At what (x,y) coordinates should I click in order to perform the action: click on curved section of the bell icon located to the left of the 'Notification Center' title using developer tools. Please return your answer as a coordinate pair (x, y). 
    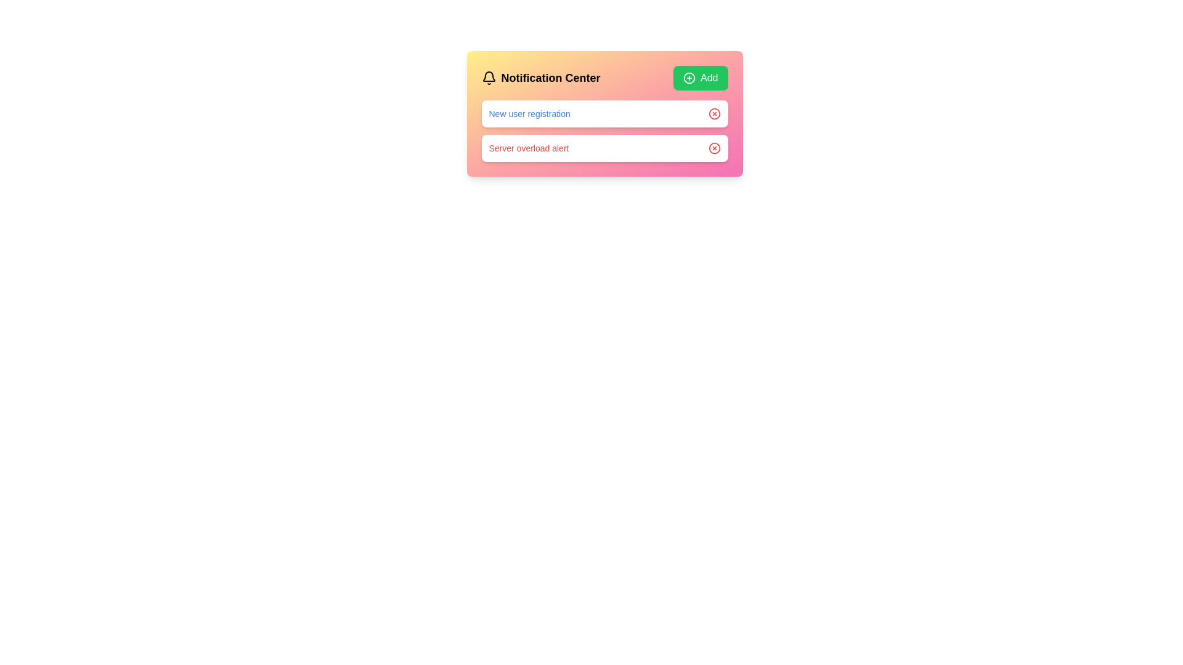
    Looking at the image, I should click on (488, 76).